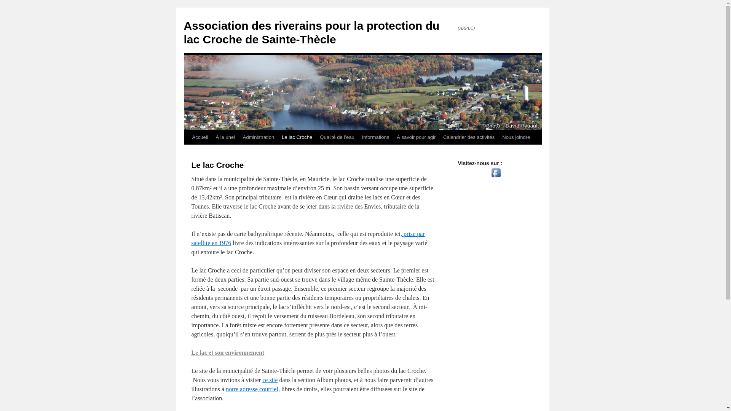 The width and height of the screenshot is (731, 411). I want to click on 'Visit Us On Facebook', so click(496, 177).